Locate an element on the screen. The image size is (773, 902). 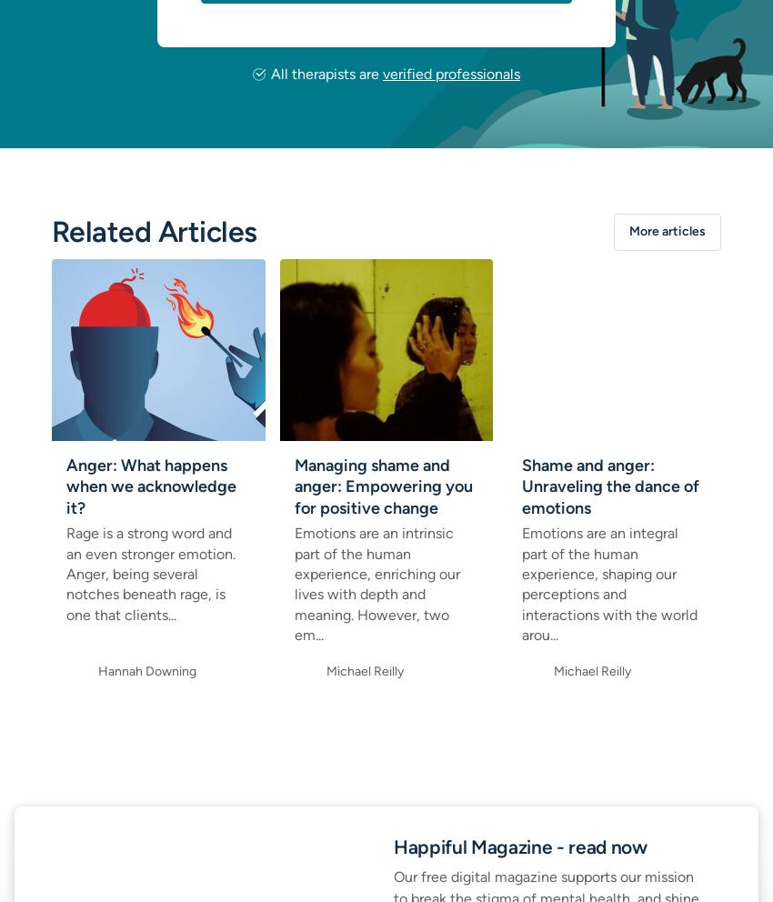
'Anger: What happens when we acknowledge it?' is located at coordinates (151, 485).